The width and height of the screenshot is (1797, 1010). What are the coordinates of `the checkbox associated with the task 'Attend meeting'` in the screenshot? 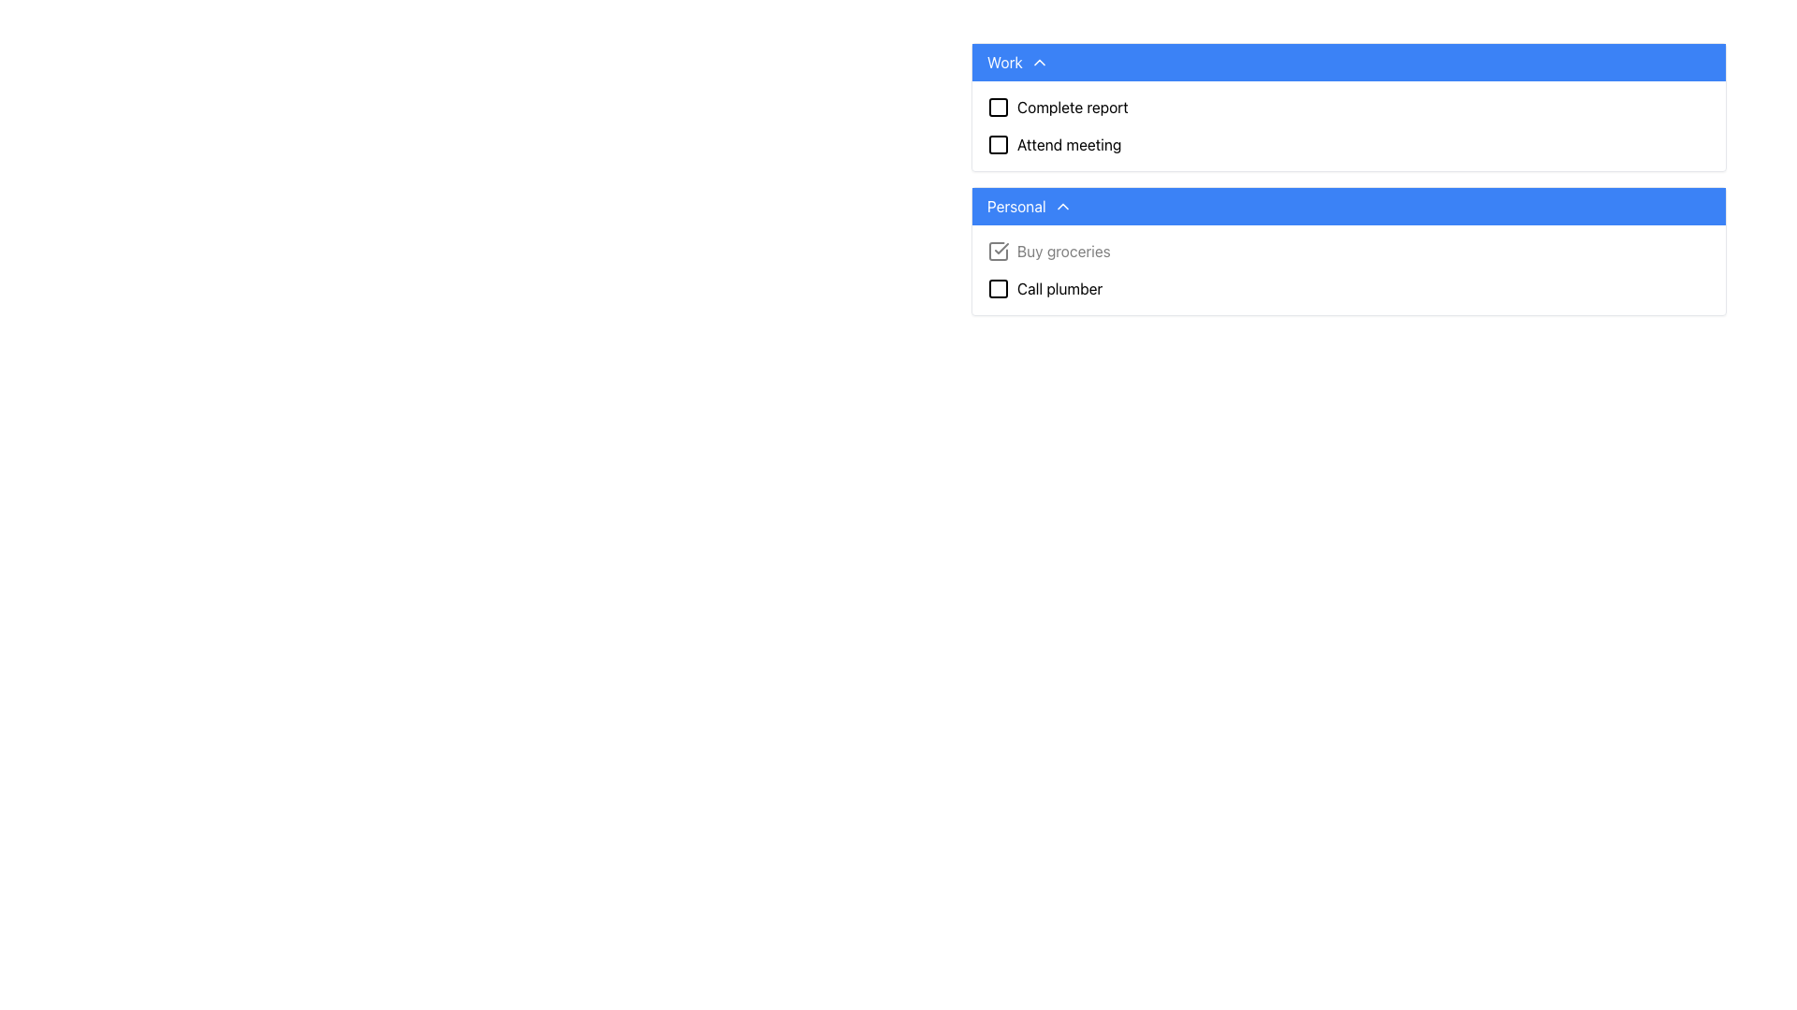 It's located at (997, 143).